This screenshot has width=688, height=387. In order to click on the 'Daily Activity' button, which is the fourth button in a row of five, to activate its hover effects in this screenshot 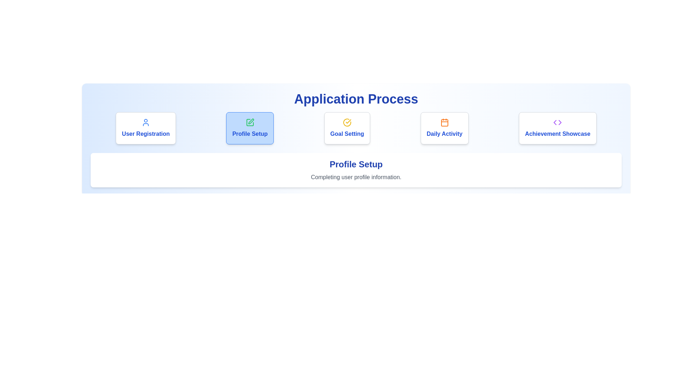, I will do `click(444, 128)`.